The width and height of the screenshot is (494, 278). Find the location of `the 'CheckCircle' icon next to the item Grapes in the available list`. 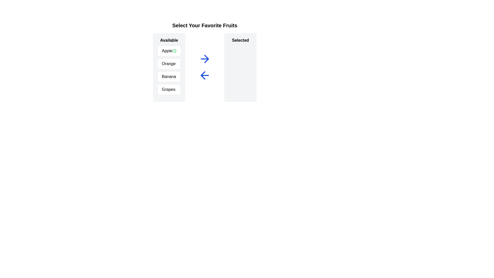

the 'CheckCircle' icon next to the item Grapes in the available list is located at coordinates (176, 89).